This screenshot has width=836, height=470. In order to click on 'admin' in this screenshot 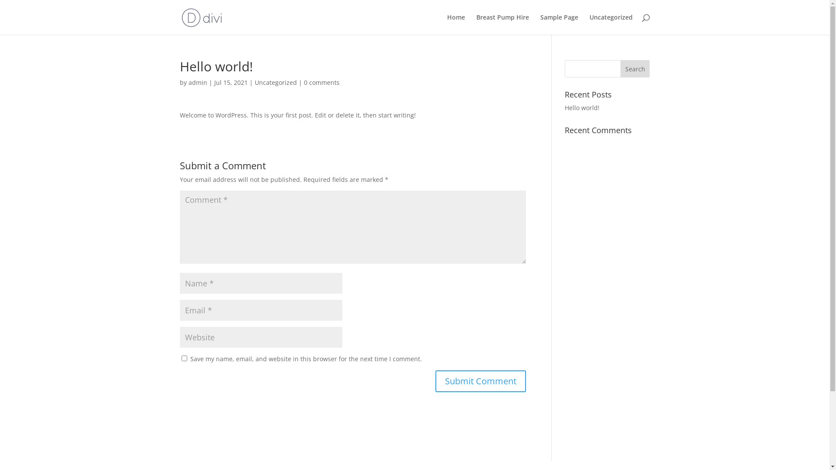, I will do `click(197, 82)`.